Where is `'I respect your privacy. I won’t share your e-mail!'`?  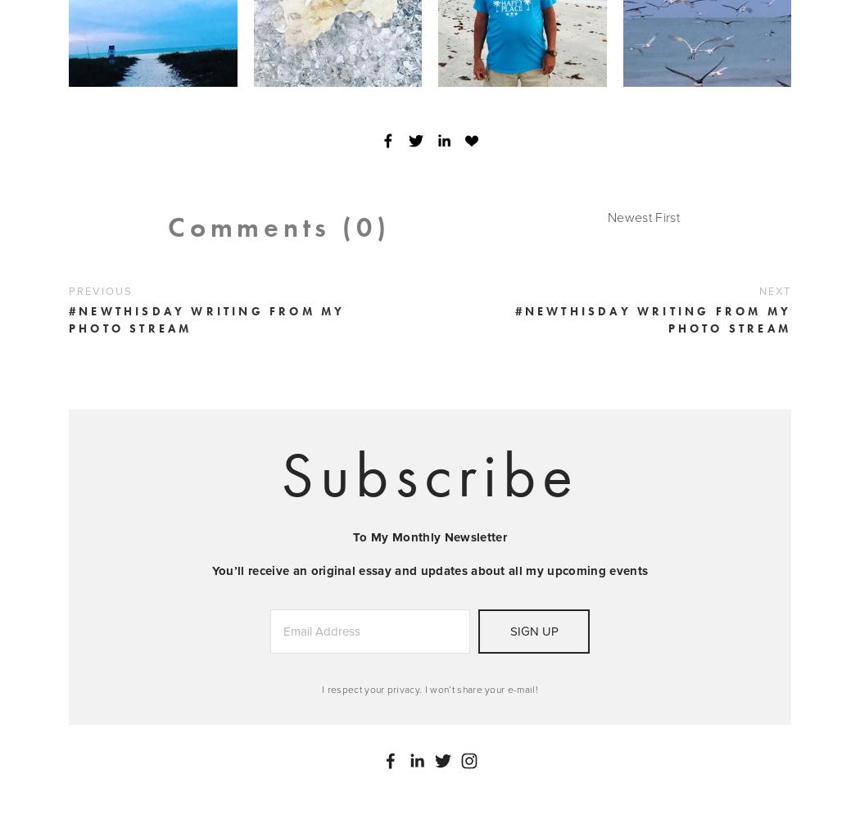 'I respect your privacy. I won’t share your e-mail!' is located at coordinates (430, 687).